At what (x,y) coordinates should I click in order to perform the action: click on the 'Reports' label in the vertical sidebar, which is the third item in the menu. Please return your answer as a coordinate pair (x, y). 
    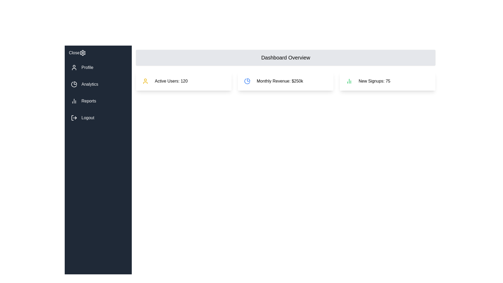
    Looking at the image, I should click on (89, 101).